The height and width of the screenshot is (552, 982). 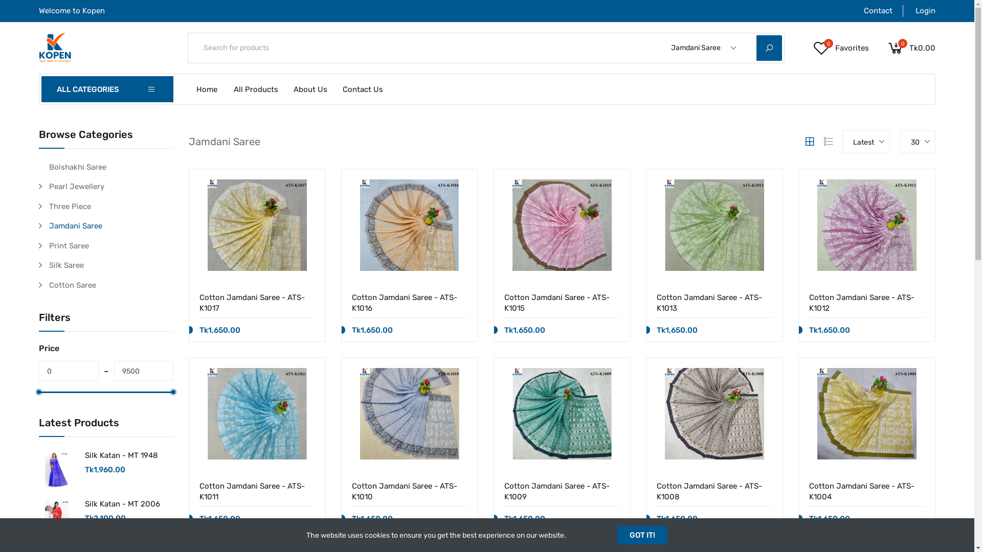 I want to click on 'Boishakhi Saree', so click(x=49, y=167).